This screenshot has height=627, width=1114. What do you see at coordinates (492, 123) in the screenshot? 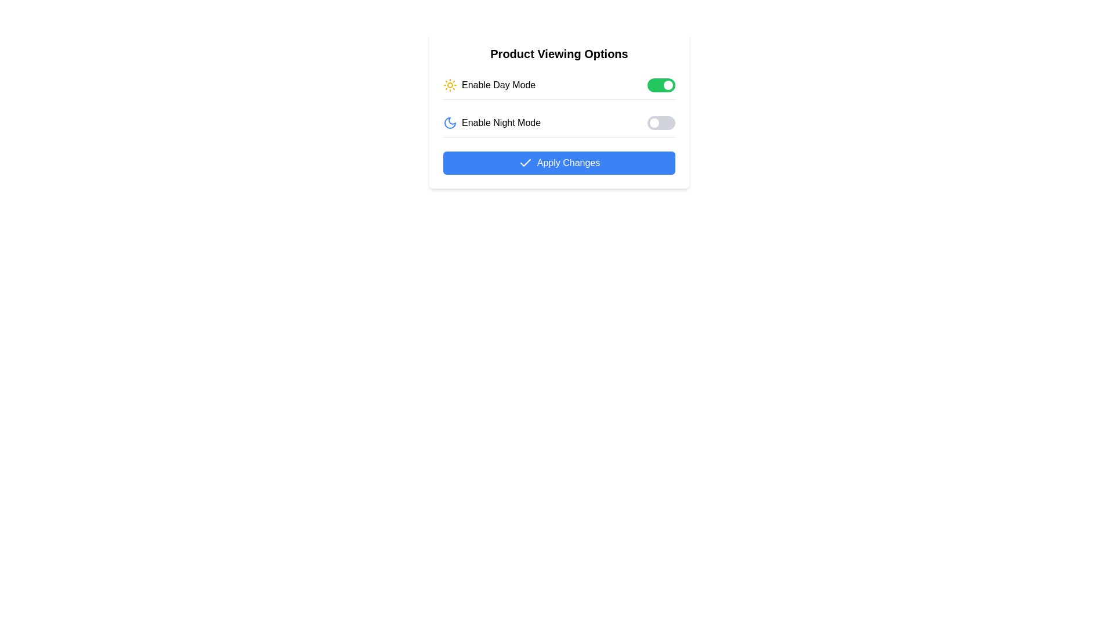
I see `the 'Enable Night Mode' text label and crescent moon icon` at bounding box center [492, 123].